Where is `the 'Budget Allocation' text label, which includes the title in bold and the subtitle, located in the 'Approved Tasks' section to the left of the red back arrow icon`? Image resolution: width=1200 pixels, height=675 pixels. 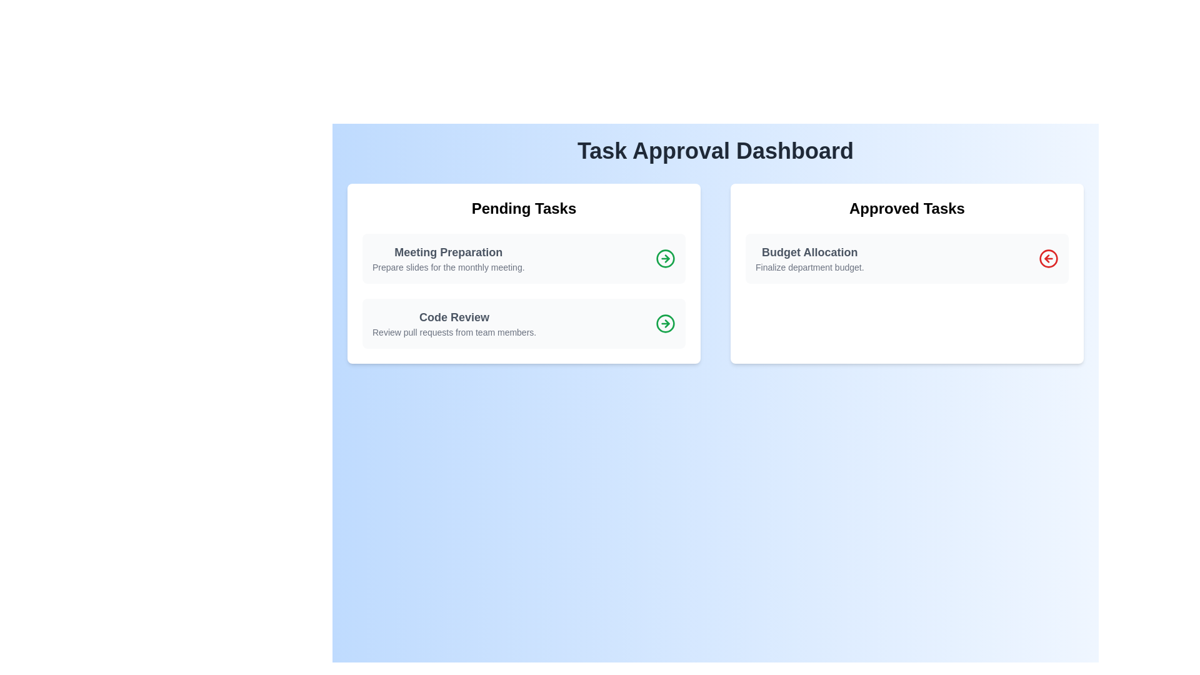
the 'Budget Allocation' text label, which includes the title in bold and the subtitle, located in the 'Approved Tasks' section to the left of the red back arrow icon is located at coordinates (809, 257).